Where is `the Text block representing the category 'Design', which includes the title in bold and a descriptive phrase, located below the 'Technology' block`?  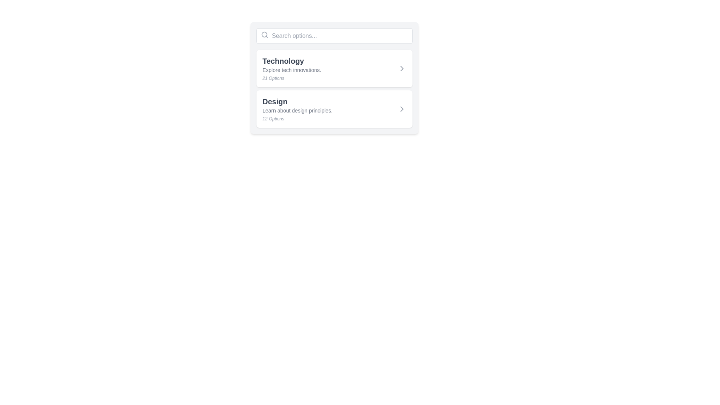 the Text block representing the category 'Design', which includes the title in bold and a descriptive phrase, located below the 'Technology' block is located at coordinates (297, 109).